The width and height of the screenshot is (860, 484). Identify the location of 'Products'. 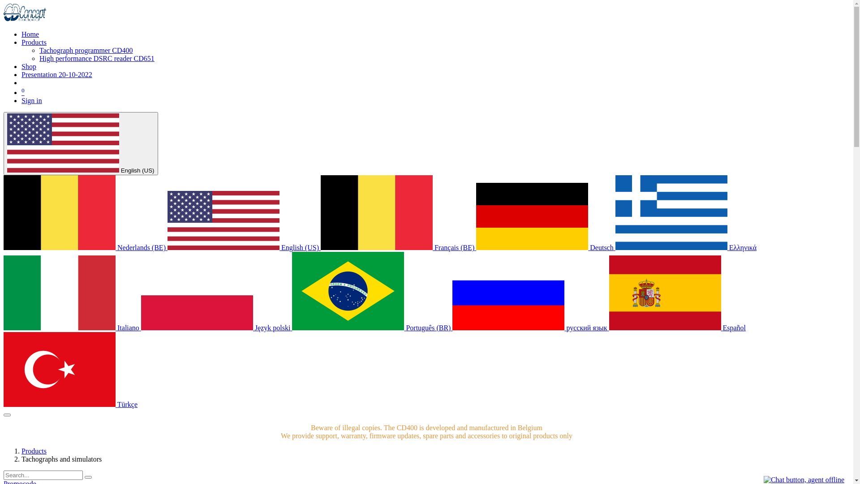
(34, 42).